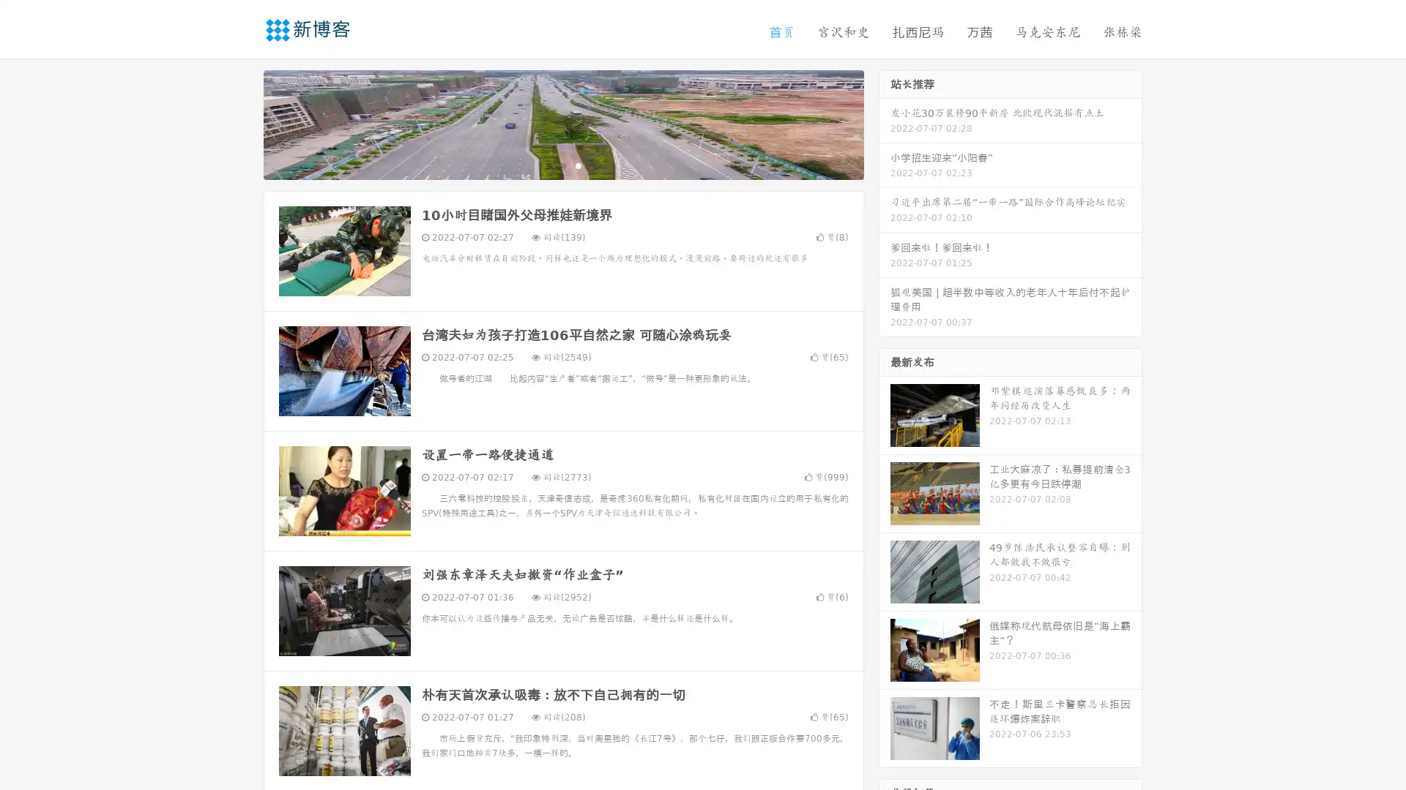  I want to click on Go to slide 2, so click(562, 165).